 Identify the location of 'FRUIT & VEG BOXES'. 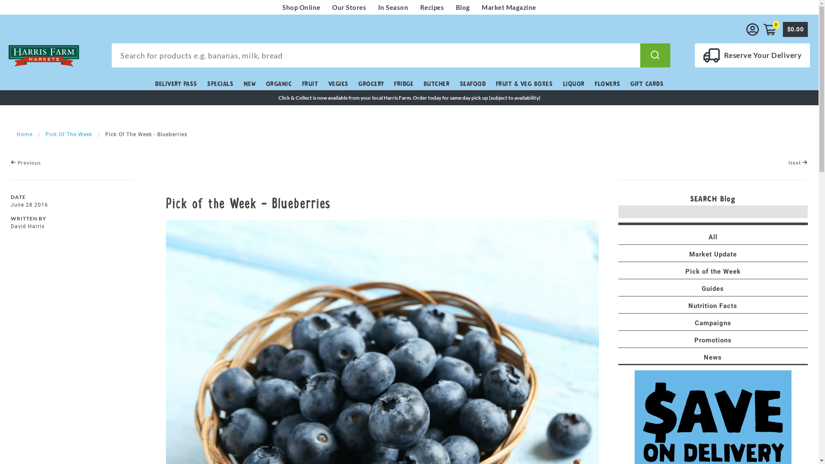
(491, 84).